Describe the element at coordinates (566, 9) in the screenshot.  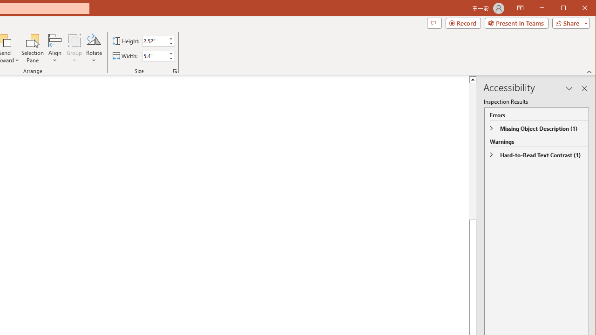
I see `'Minimize'` at that location.